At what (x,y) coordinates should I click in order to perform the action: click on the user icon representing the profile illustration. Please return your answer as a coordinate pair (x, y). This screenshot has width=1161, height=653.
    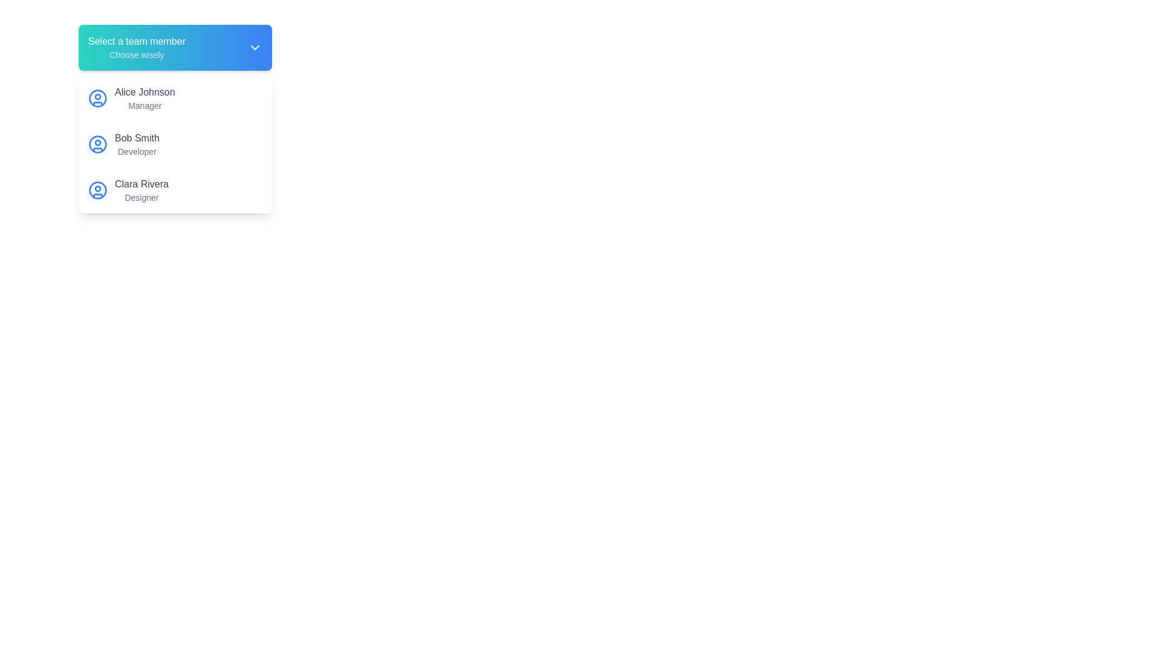
    Looking at the image, I should click on (98, 144).